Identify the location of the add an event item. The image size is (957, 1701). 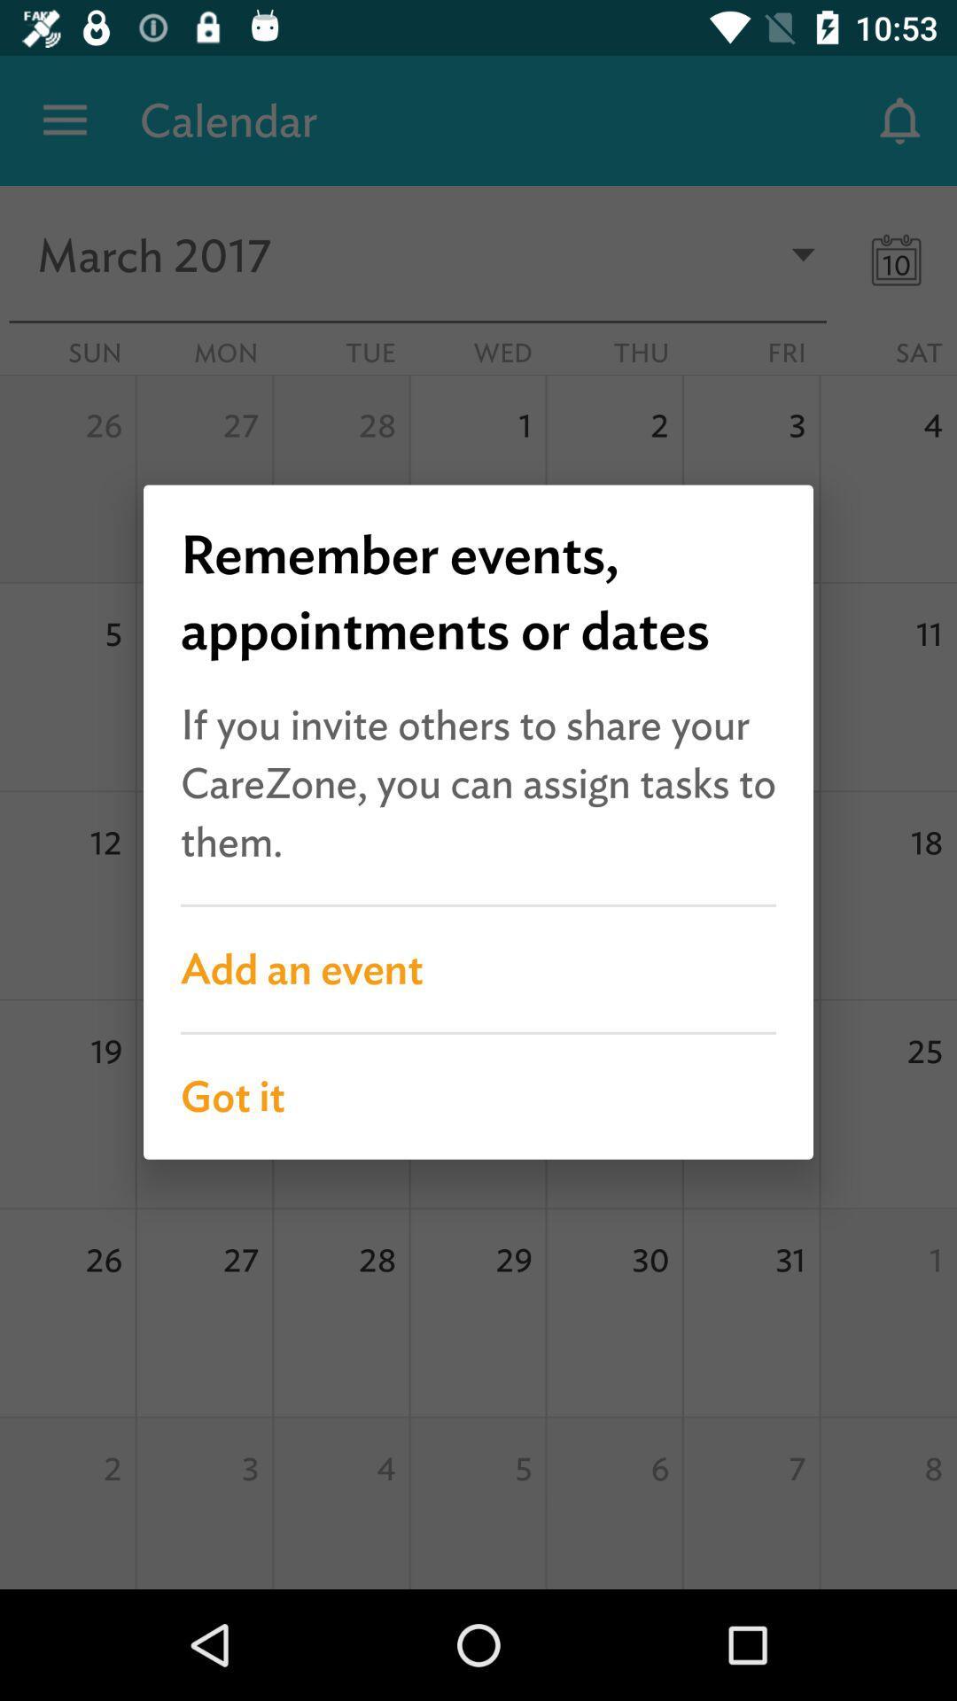
(478, 968).